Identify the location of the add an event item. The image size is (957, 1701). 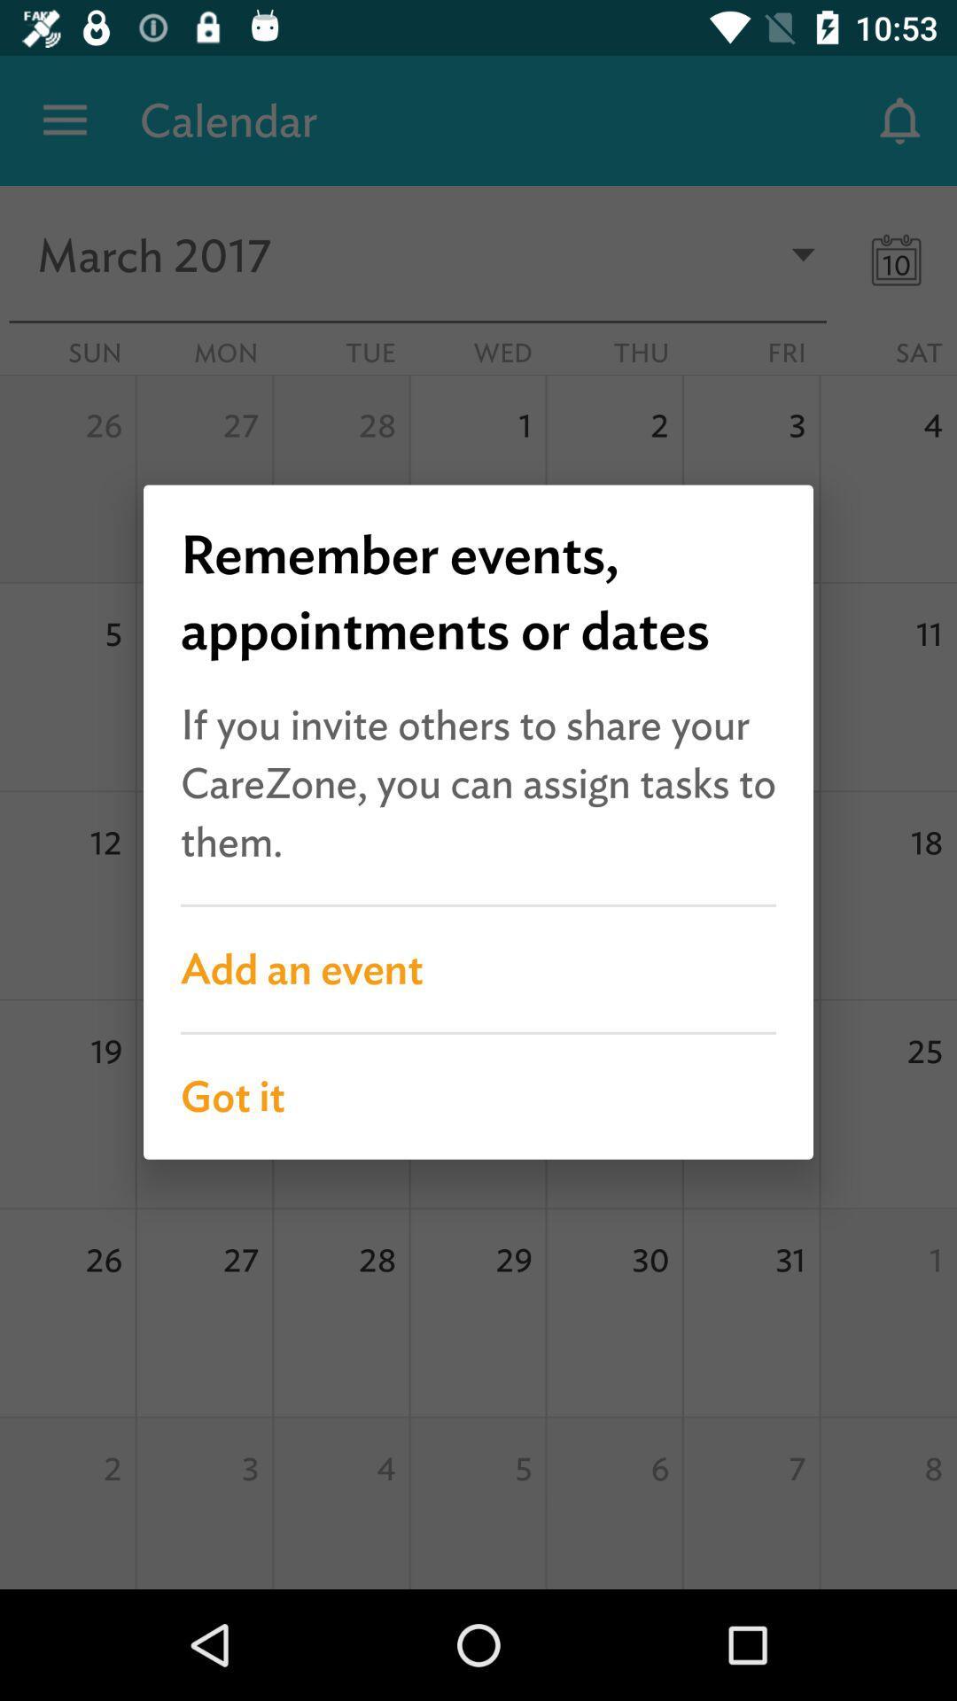
(478, 968).